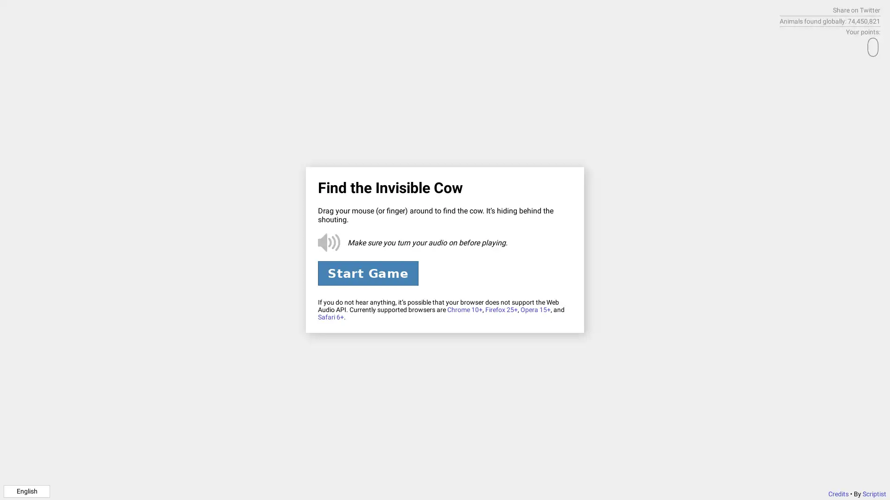  Describe the element at coordinates (856, 10) in the screenshot. I see `Share on Twitter` at that location.